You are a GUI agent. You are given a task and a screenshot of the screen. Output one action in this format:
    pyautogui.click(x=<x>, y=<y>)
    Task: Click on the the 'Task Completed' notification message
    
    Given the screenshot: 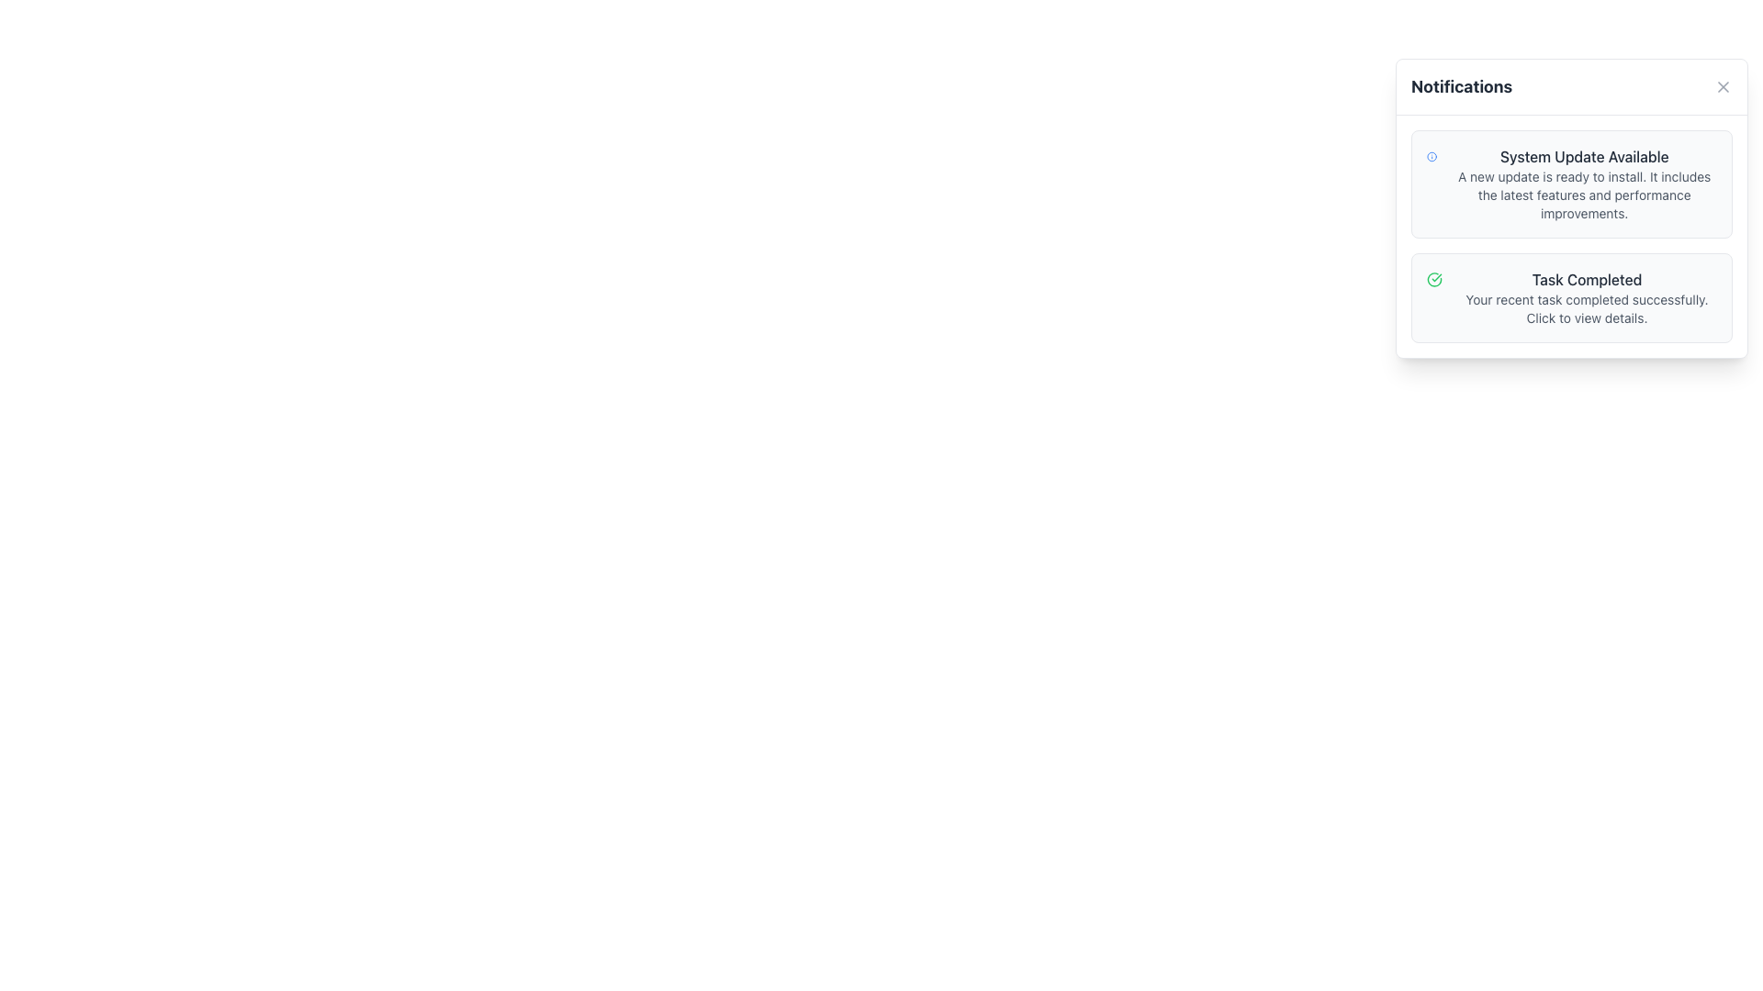 What is the action you would take?
    pyautogui.click(x=1586, y=296)
    